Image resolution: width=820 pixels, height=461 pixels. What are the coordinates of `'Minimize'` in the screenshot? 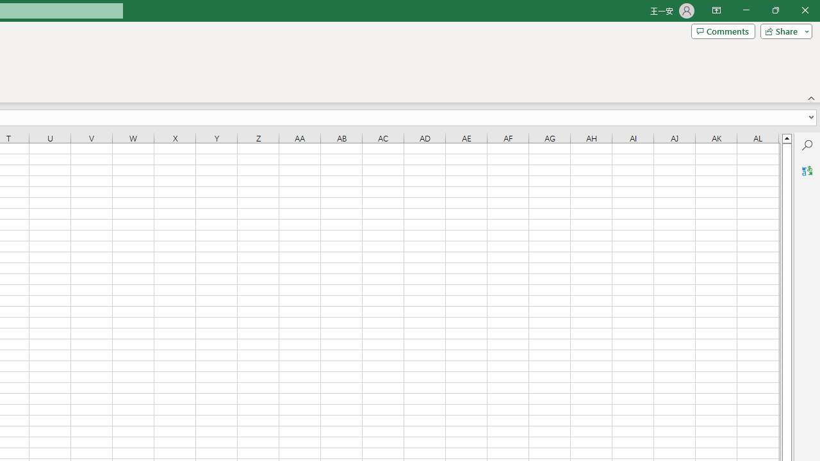 It's located at (746, 10).